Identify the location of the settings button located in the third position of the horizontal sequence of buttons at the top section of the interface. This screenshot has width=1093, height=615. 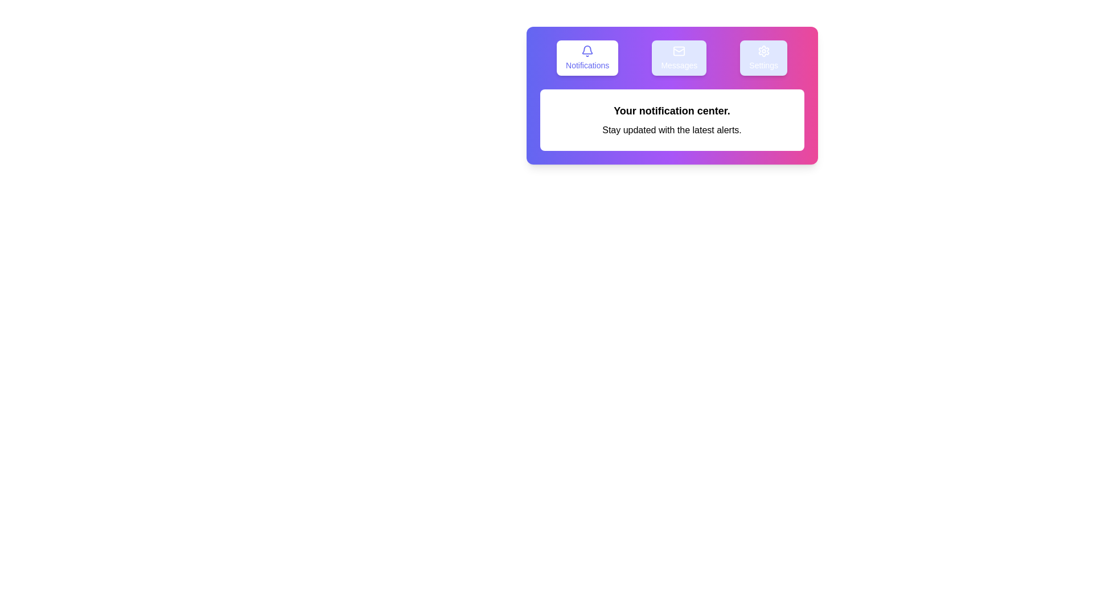
(763, 58).